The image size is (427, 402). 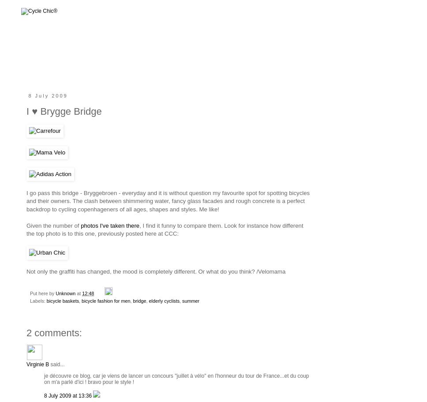 What do you see at coordinates (176, 379) in the screenshot?
I see `'je découvre ce blog, car je viens de lancer un concours "juillet à vélo" en l'honneur du tour de France...et du coup on m'a parlé d'ici ! bravo pour le style !'` at bounding box center [176, 379].